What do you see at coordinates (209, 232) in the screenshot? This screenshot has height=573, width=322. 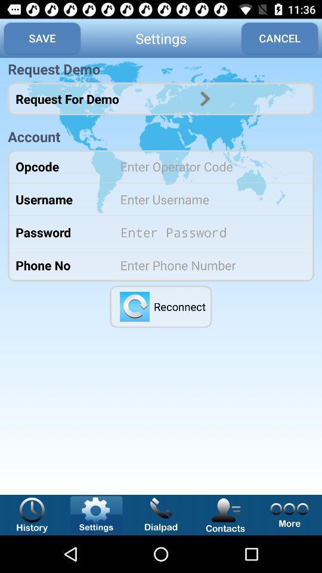 I see `your password` at bounding box center [209, 232].